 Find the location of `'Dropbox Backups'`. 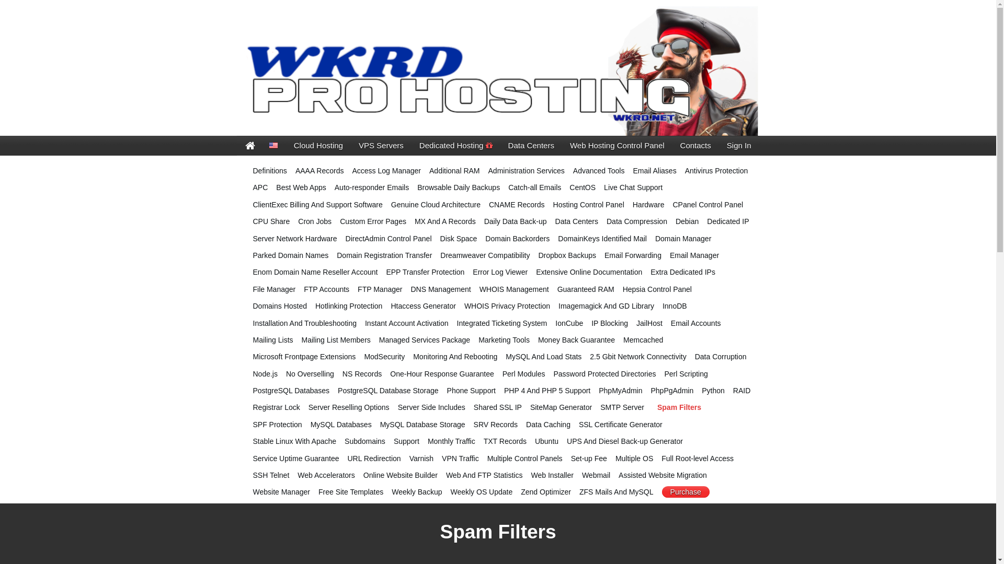

'Dropbox Backups' is located at coordinates (566, 255).